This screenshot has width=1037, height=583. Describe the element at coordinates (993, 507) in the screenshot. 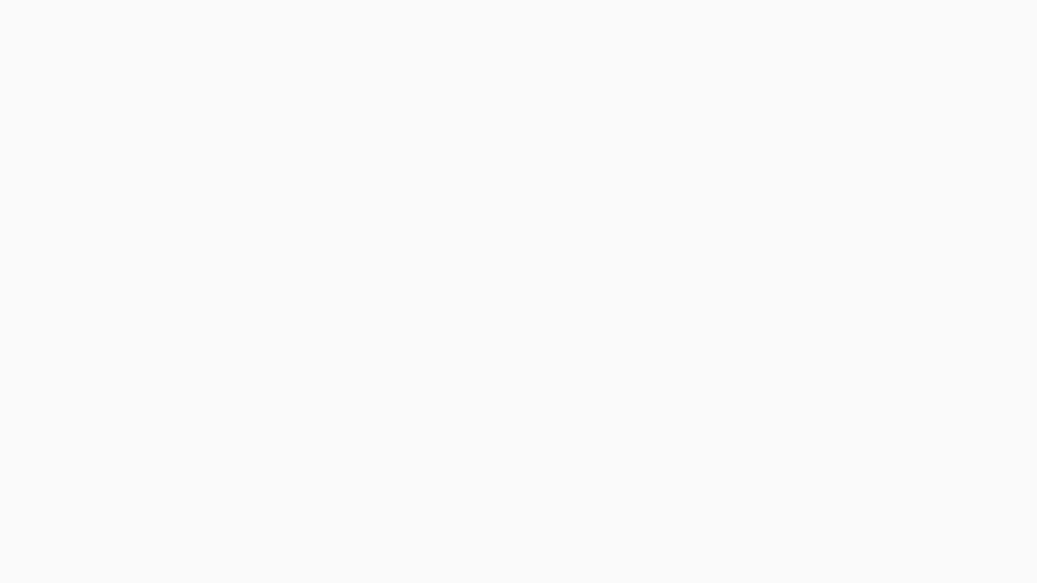

I see `Dismiss` at that location.